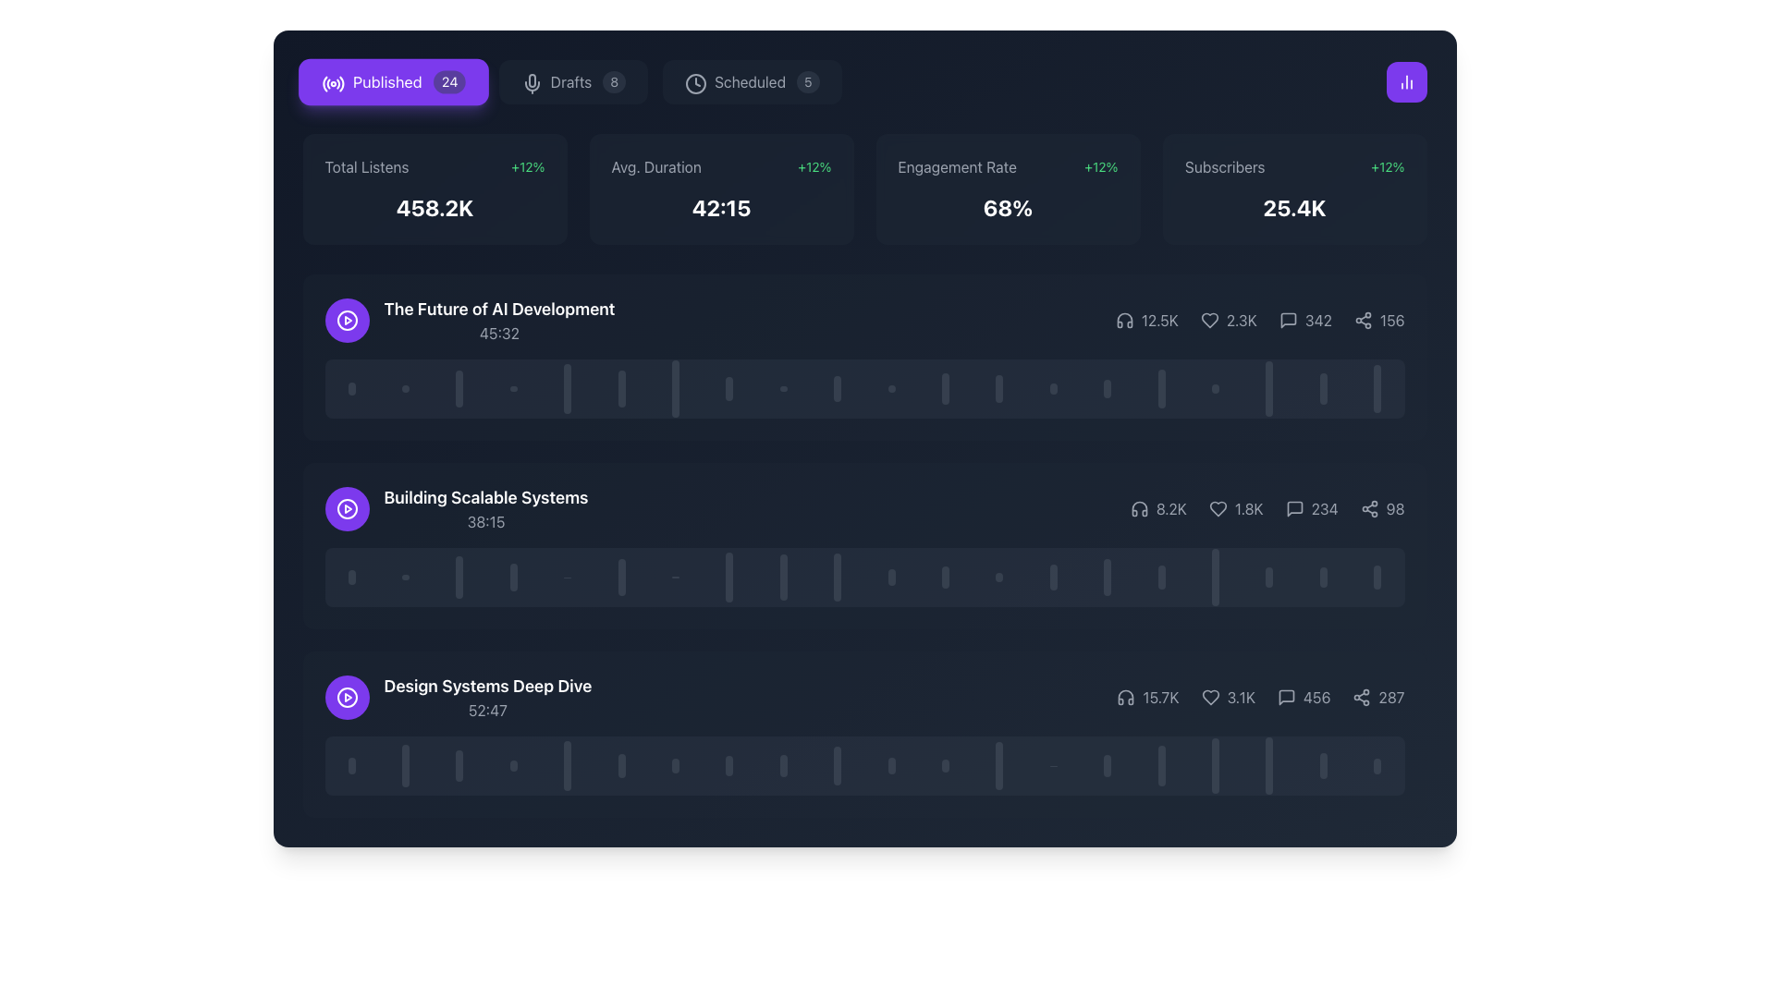 The image size is (1775, 998). Describe the element at coordinates (1286, 698) in the screenshot. I see `the comments indicator icon (speech bubble) located in the social interaction bar below the 'Design Systems Deep Dive' section, which visually represents the comment count of 456` at that location.